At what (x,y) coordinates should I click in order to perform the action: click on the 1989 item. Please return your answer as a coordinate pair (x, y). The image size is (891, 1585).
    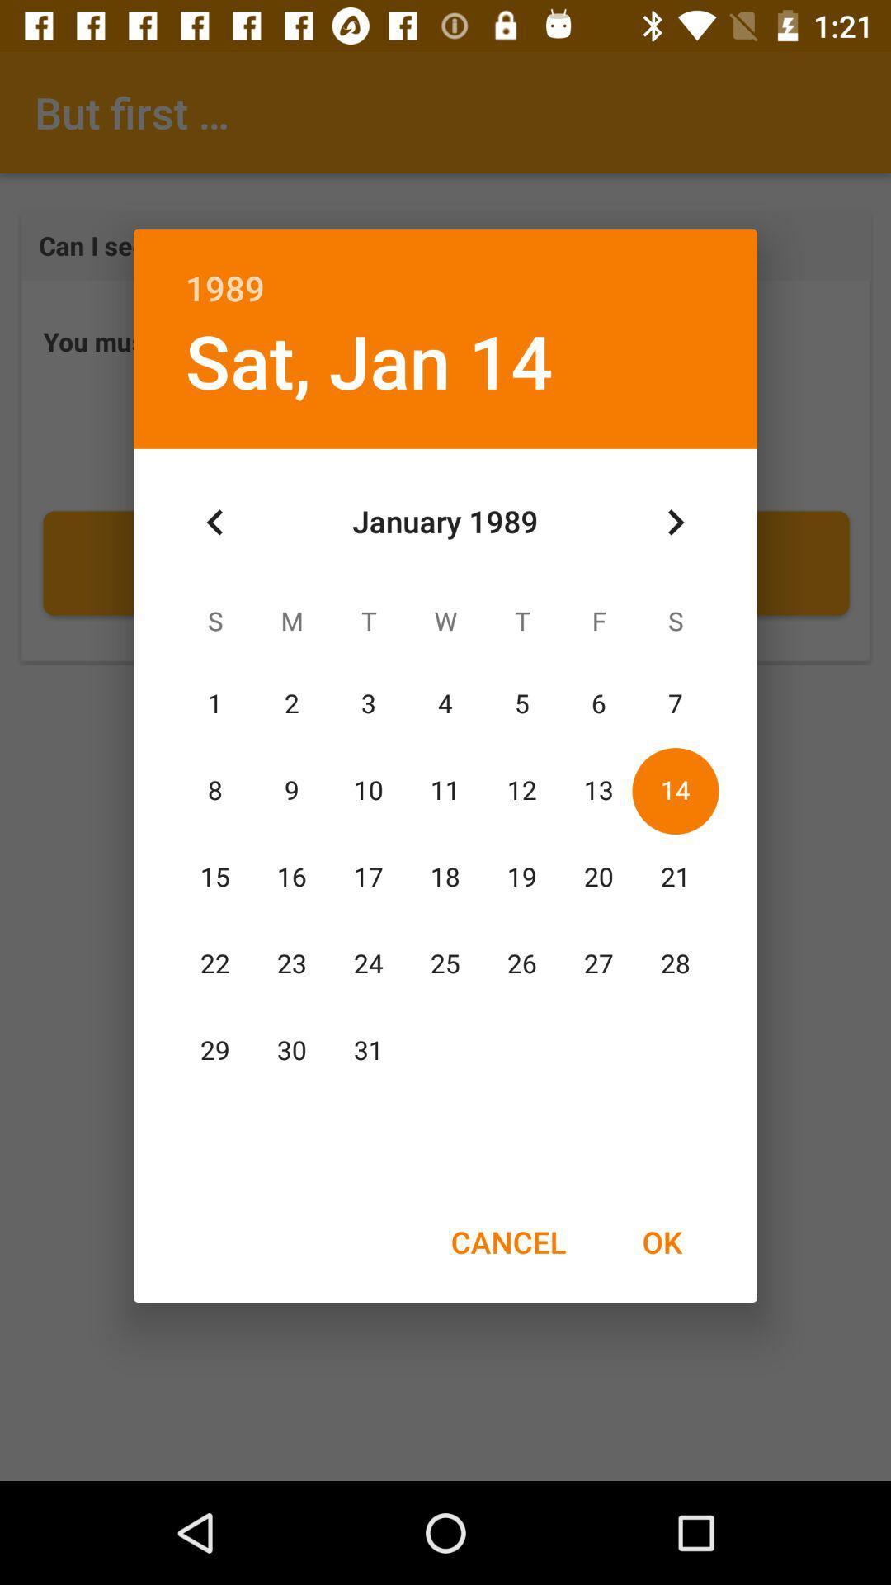
    Looking at the image, I should click on (445, 270).